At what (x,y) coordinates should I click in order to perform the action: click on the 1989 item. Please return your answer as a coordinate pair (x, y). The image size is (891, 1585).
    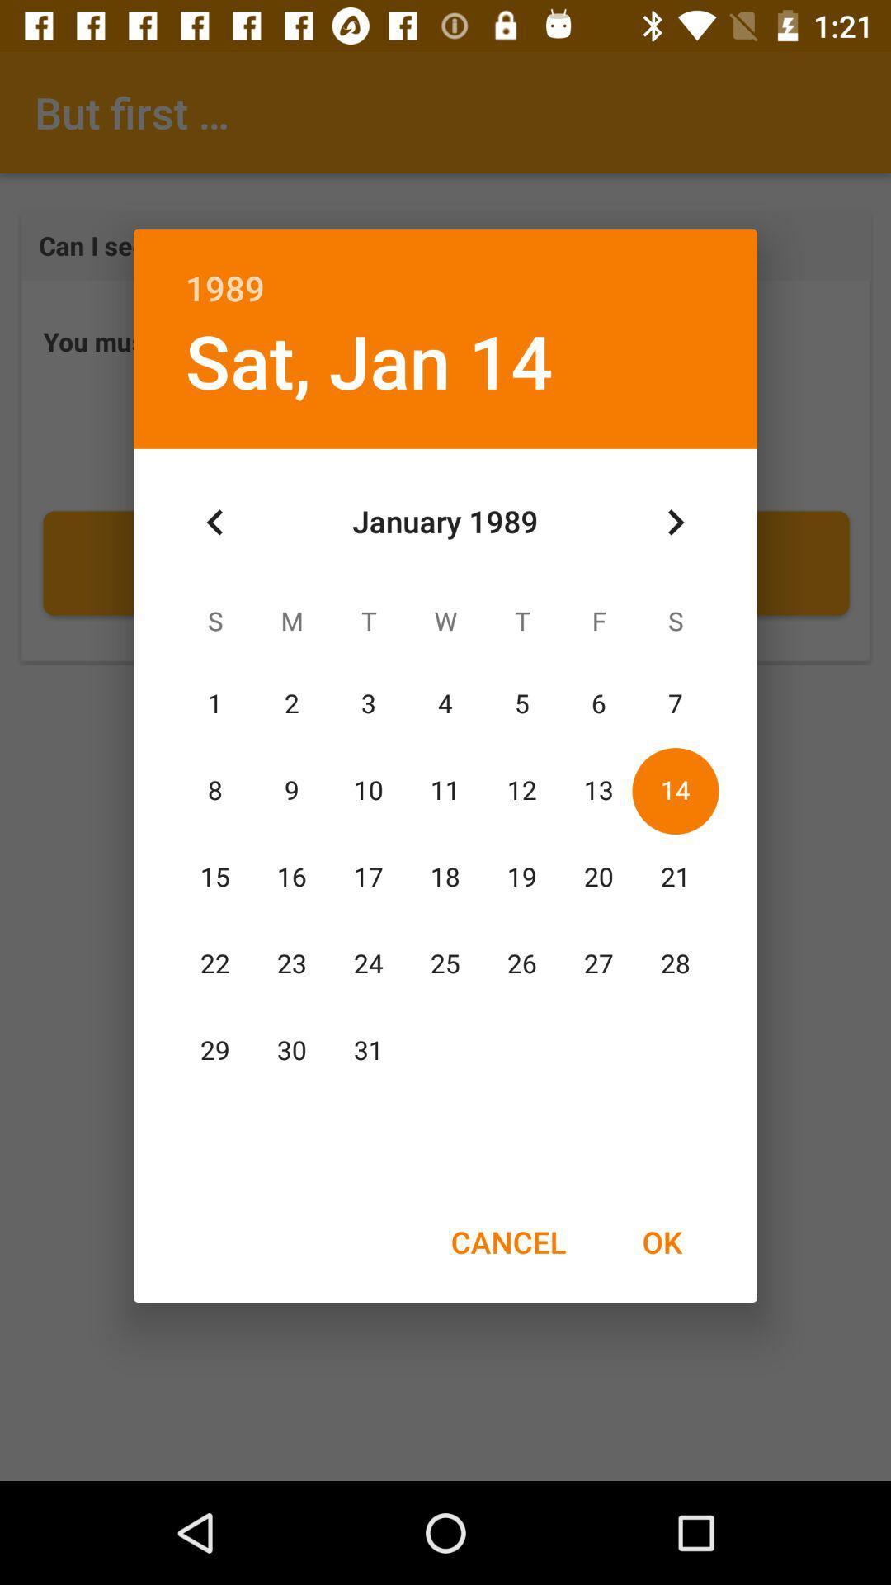
    Looking at the image, I should click on (445, 270).